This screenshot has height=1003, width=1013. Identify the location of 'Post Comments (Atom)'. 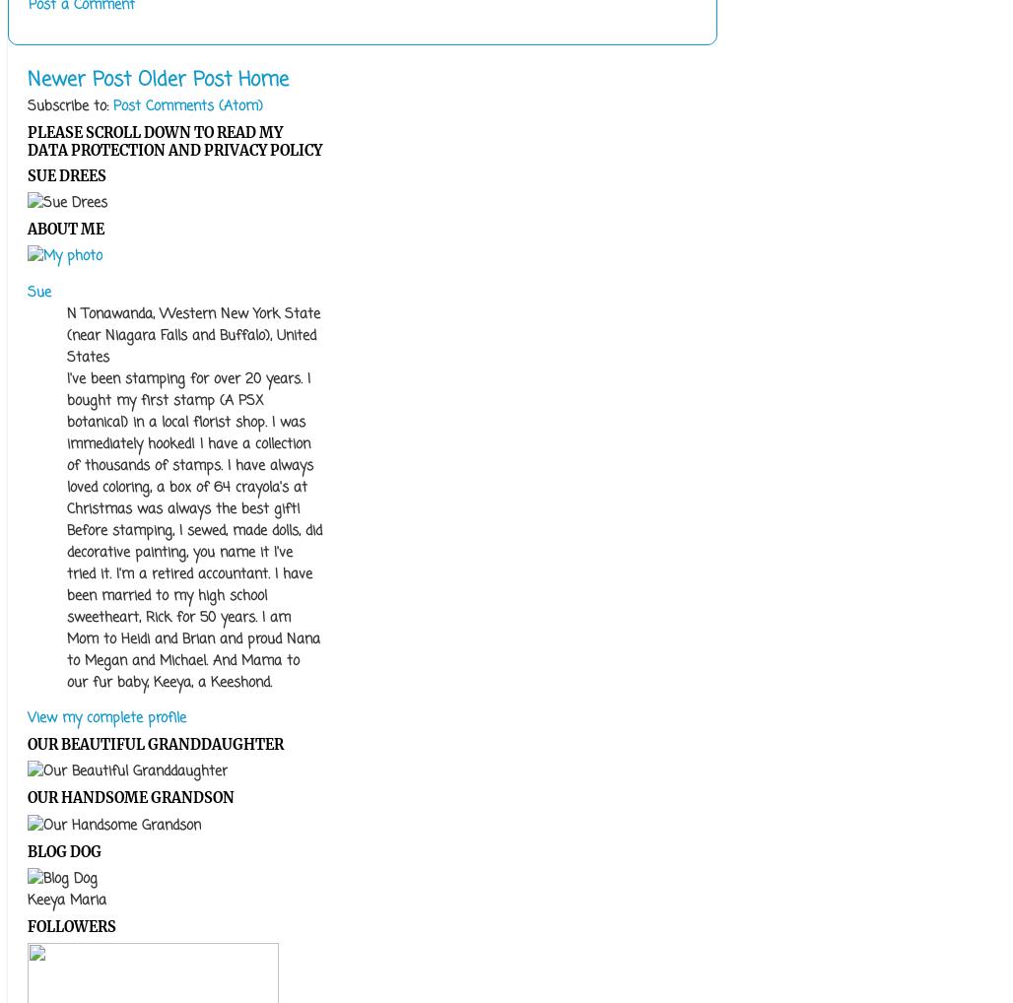
(188, 105).